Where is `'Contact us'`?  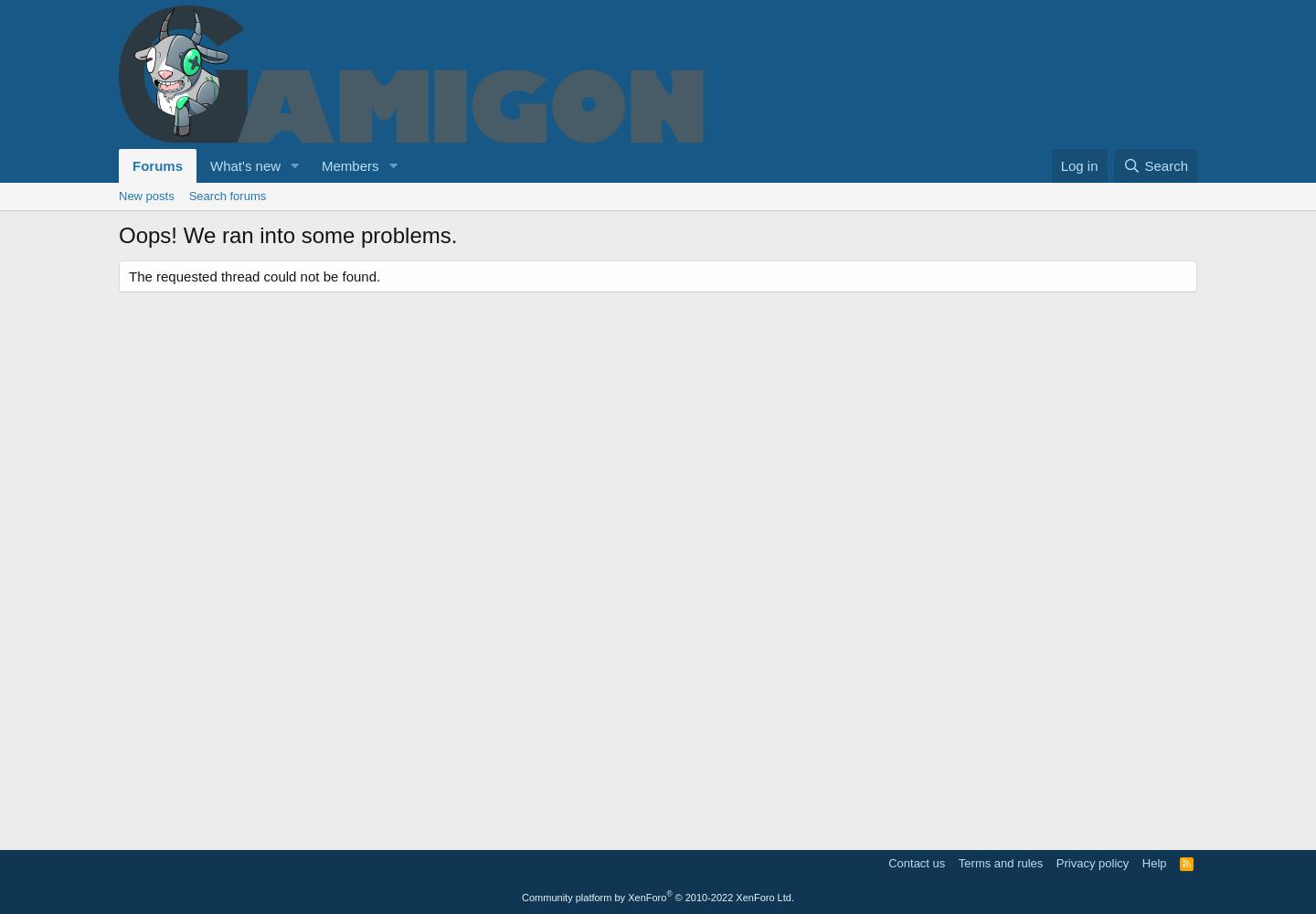
'Contact us' is located at coordinates (915, 862).